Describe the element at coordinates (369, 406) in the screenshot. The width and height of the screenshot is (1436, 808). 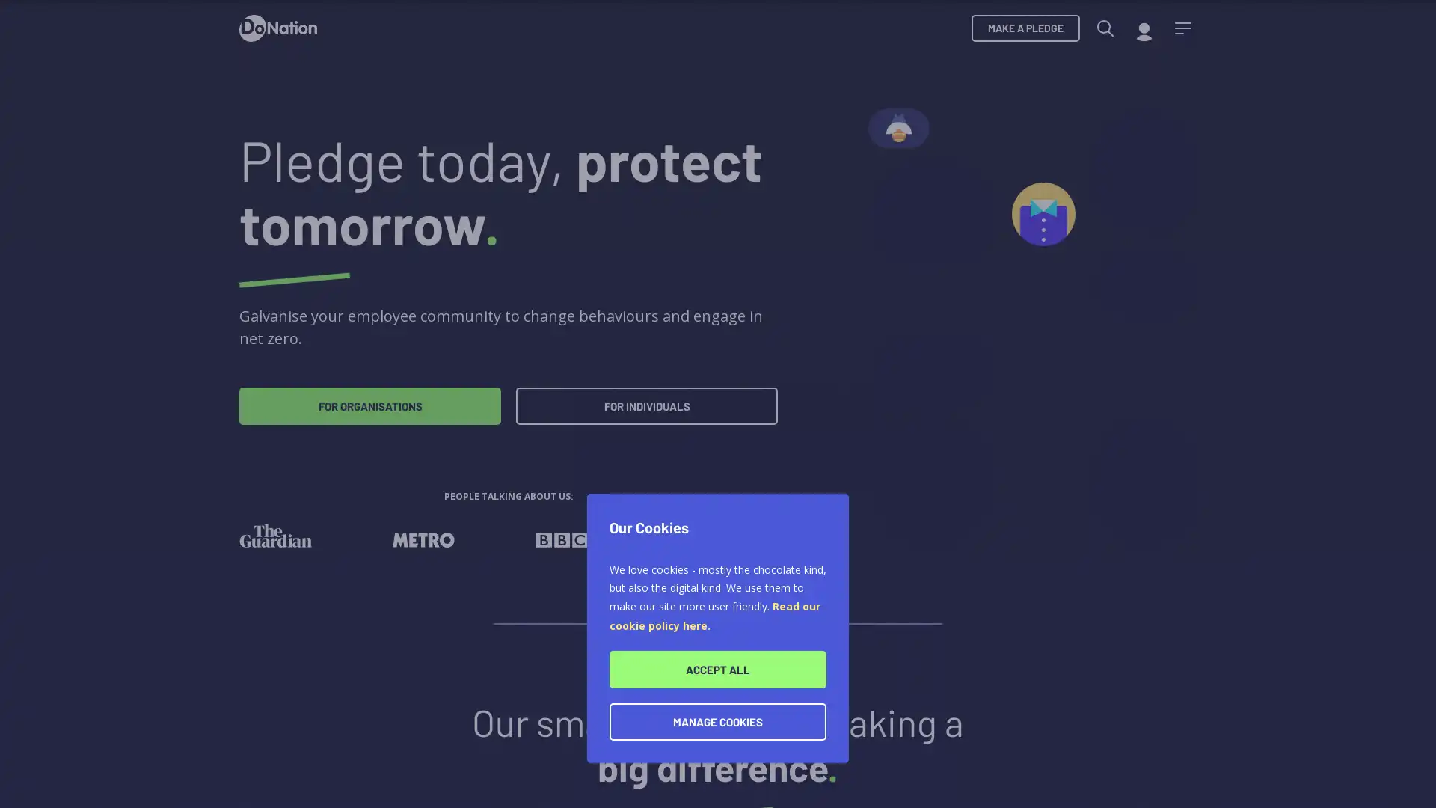
I see `FOR ORGANISATIONS` at that location.